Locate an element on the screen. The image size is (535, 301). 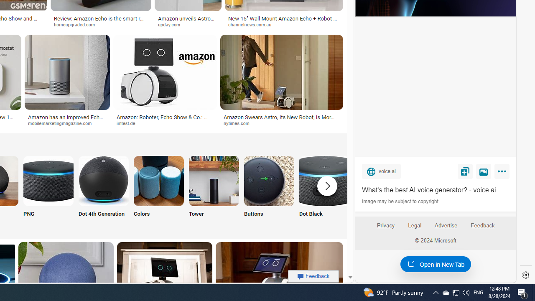
'channelnews.com.au' is located at coordinates (284, 24).